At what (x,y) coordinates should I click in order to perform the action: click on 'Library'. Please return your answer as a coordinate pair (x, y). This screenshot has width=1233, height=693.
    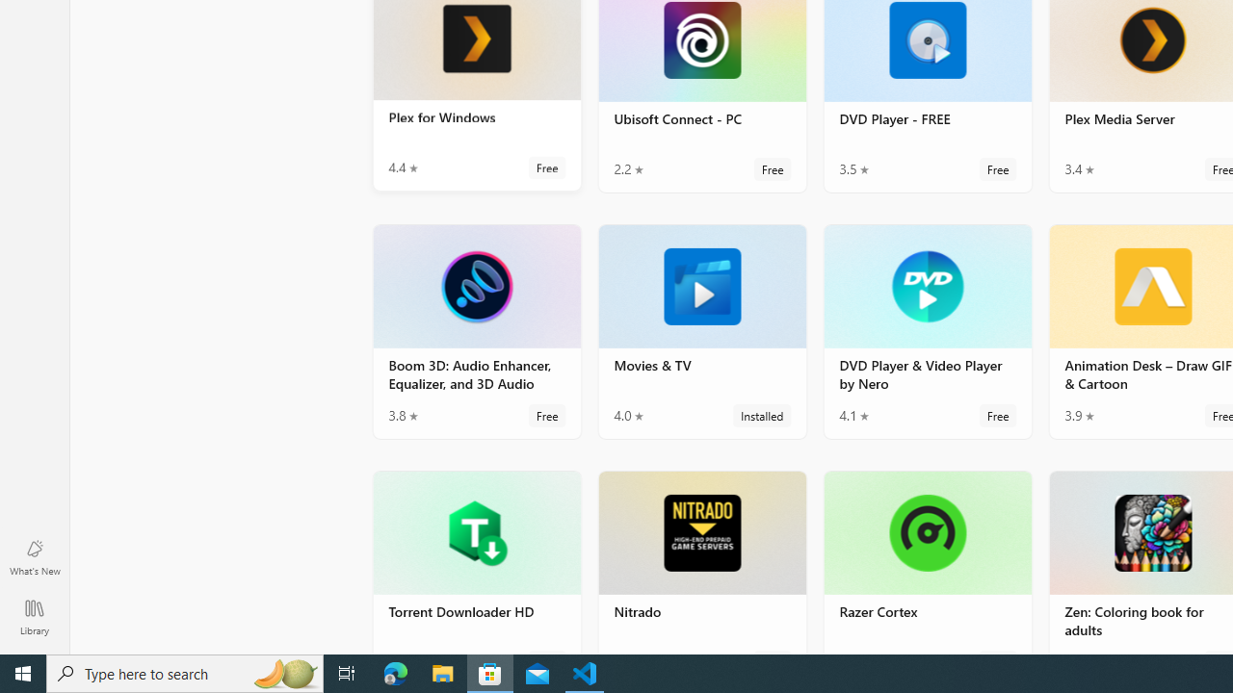
    Looking at the image, I should click on (34, 616).